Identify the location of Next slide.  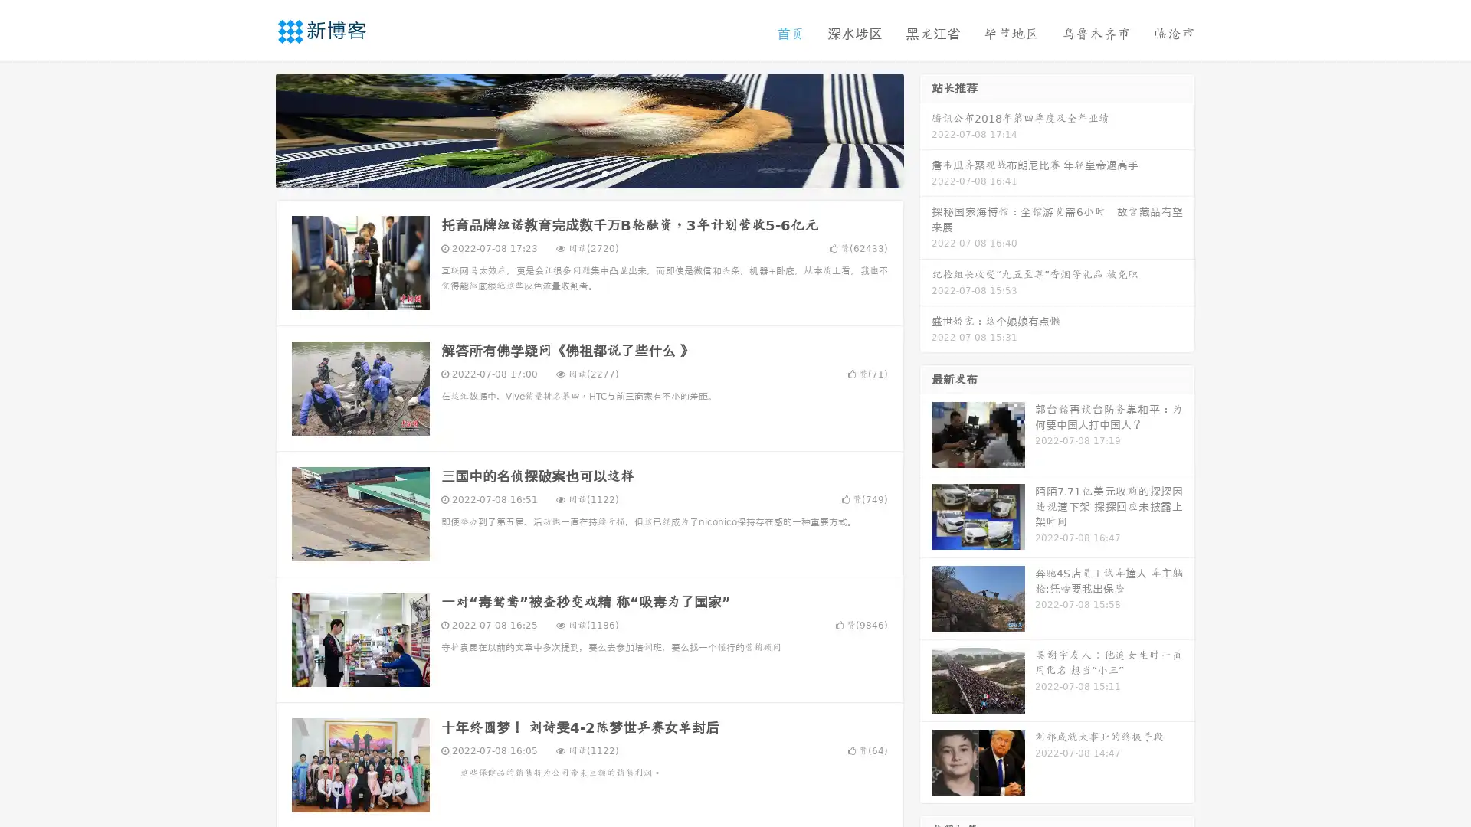
(926, 129).